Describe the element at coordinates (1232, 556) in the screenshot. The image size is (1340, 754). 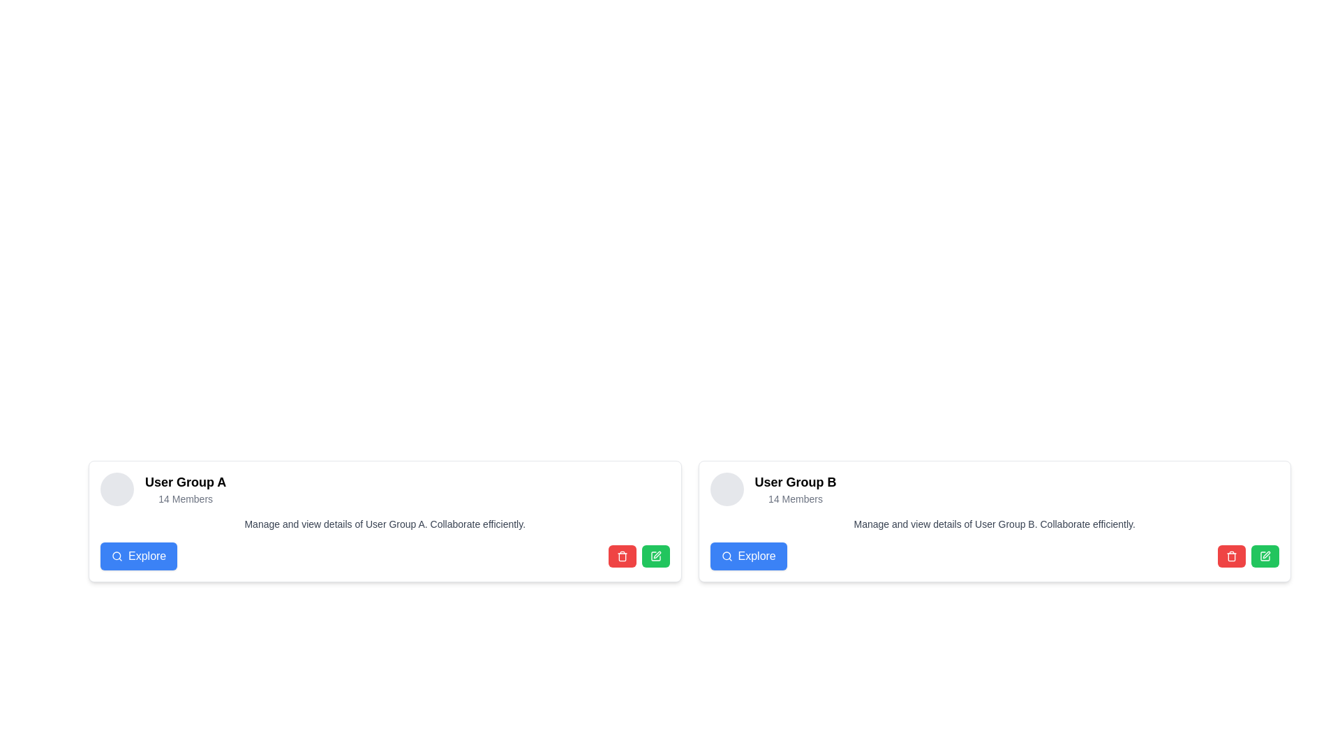
I see `the red button with white text and a trash bin icon located at the bottom right of the card-like UI component` at that location.